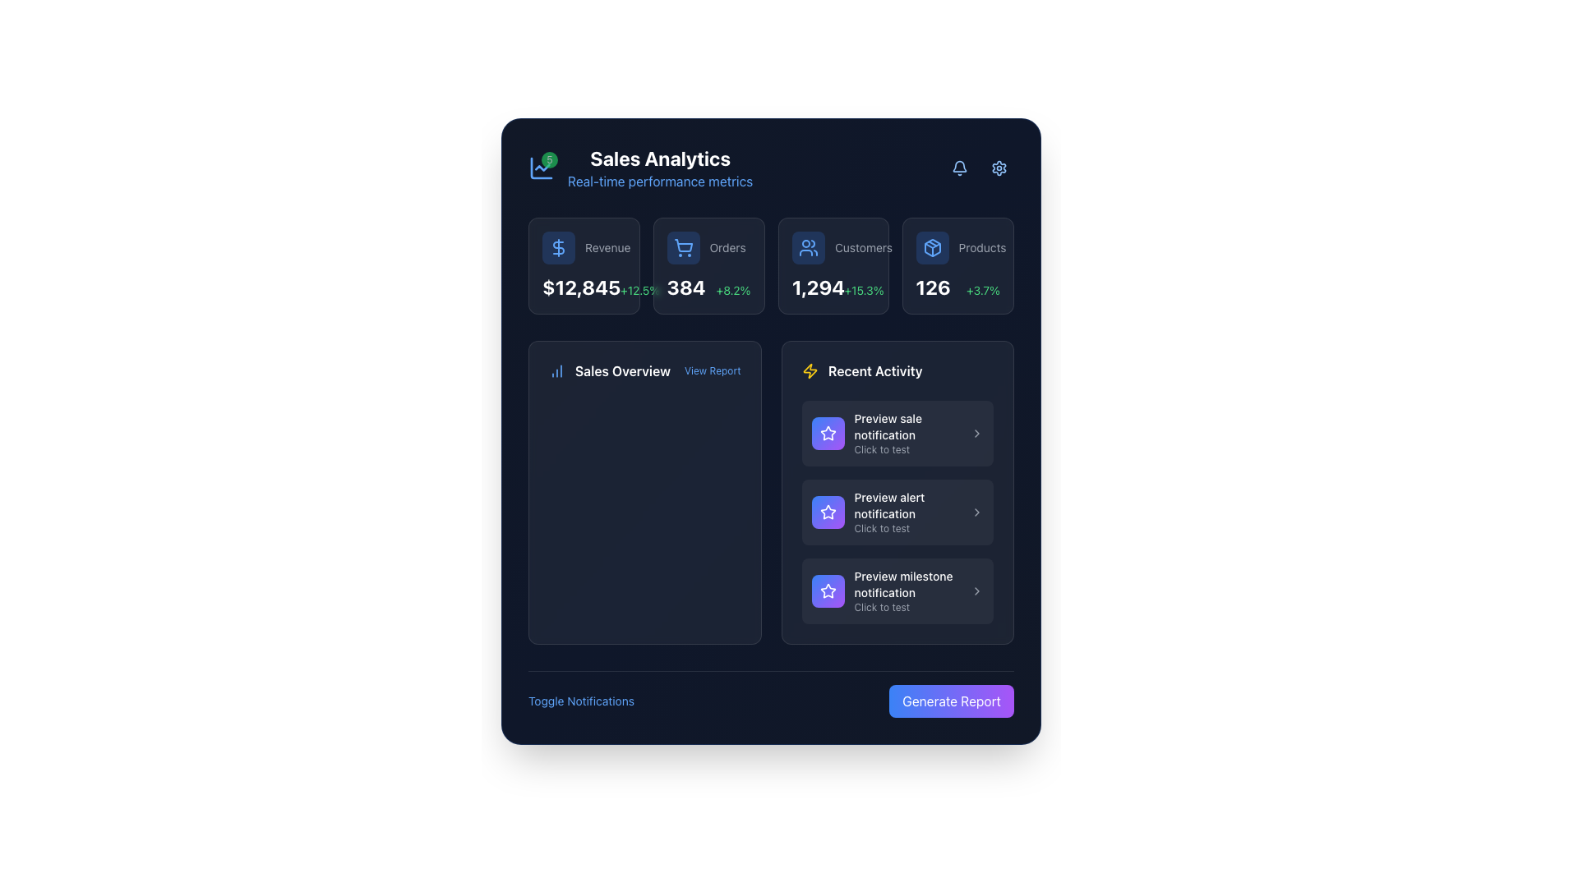  I want to click on the button located at the bottom-right corner of the interface that triggers report generation, so click(952, 701).